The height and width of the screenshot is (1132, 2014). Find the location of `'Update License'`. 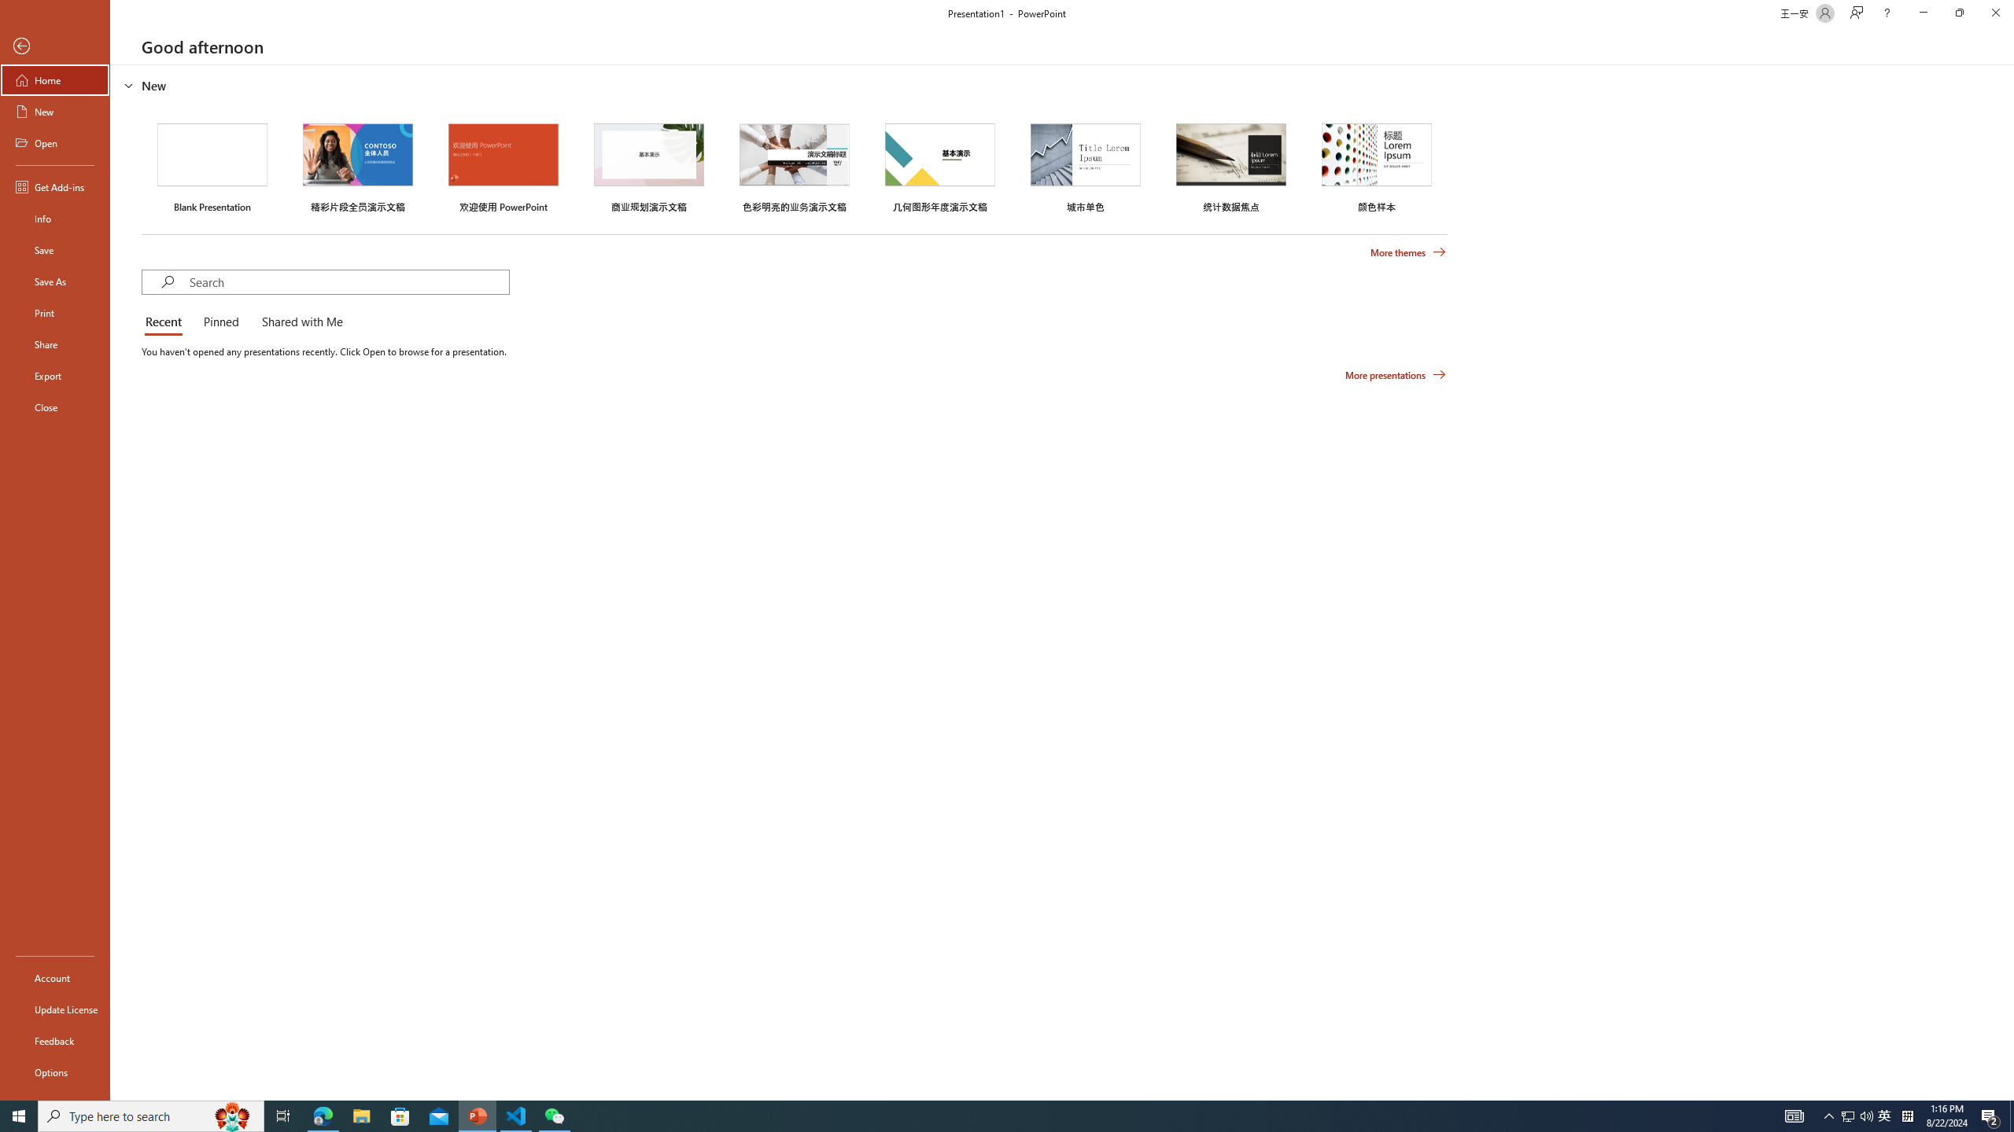

'Update License' is located at coordinates (54, 1009).